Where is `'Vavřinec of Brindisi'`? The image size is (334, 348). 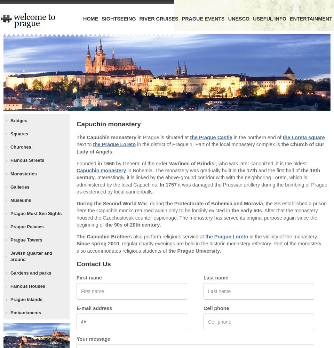 'Vavřinec of Brindisi' is located at coordinates (192, 163).